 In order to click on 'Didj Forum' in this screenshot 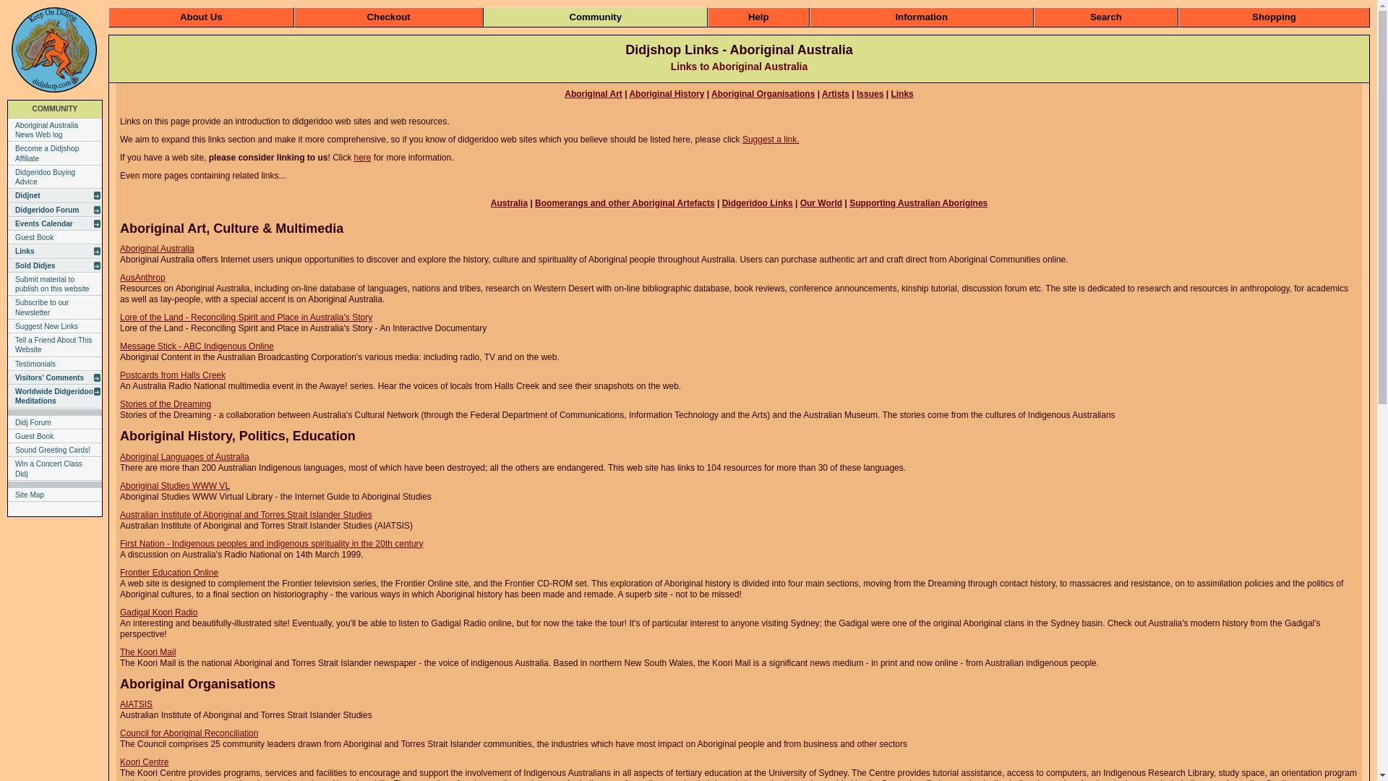, I will do `click(55, 422)`.